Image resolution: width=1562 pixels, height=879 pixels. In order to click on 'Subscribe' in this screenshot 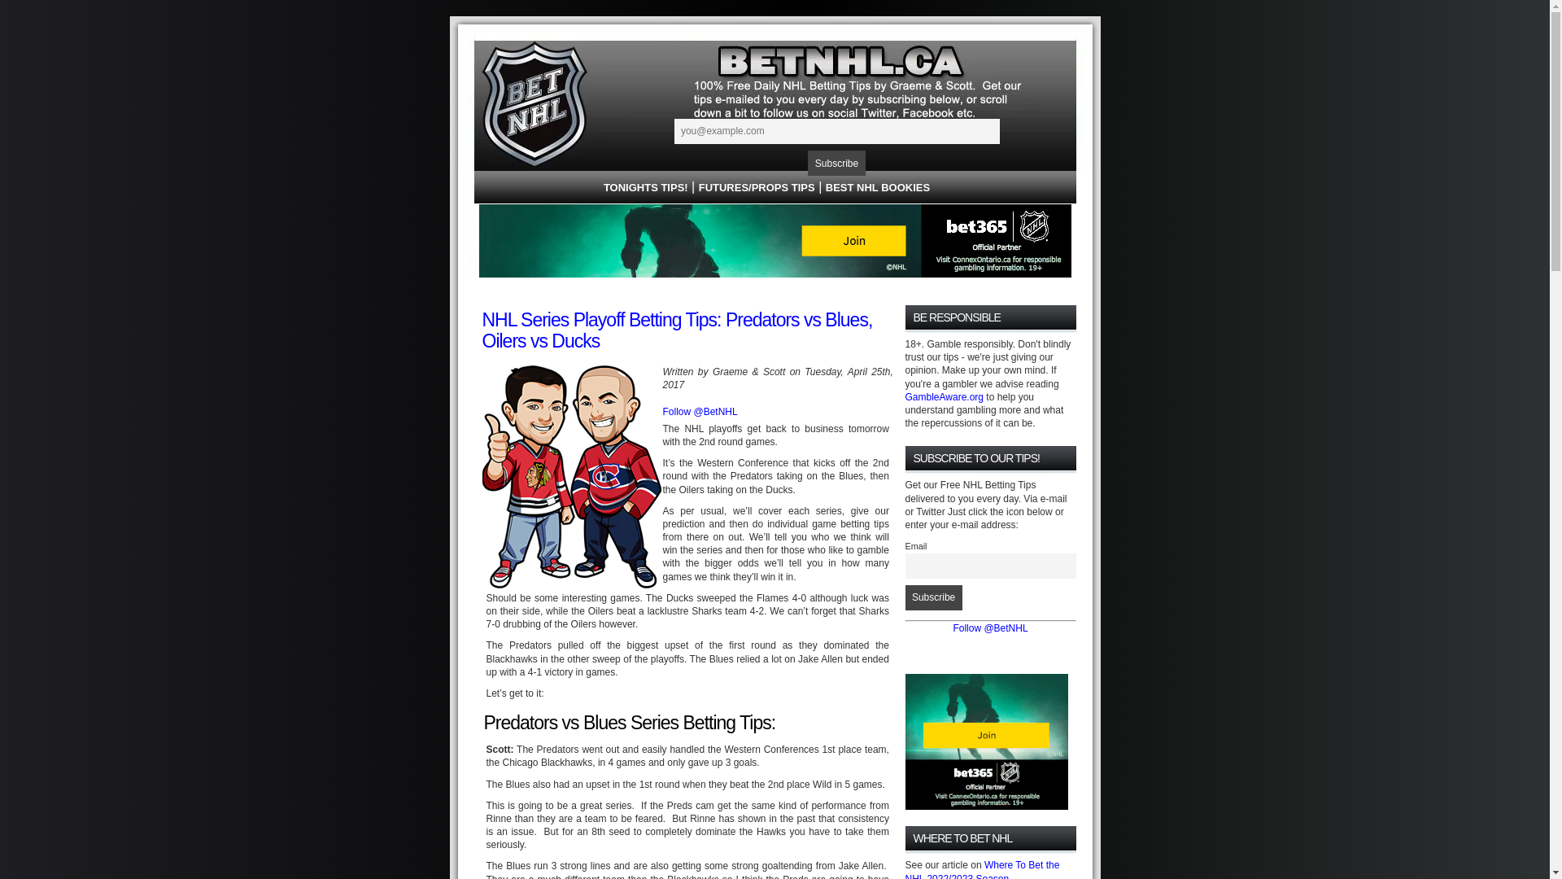, I will do `click(836, 163)`.